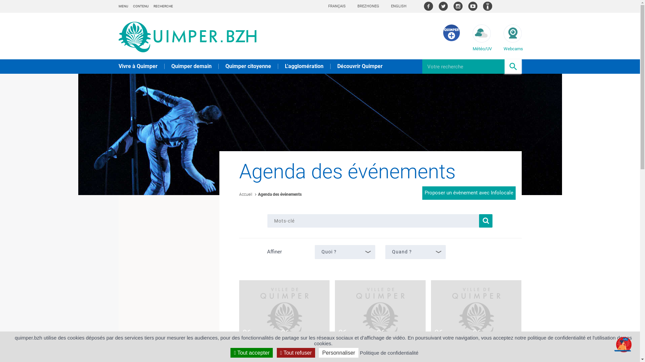  I want to click on 'Accueil', so click(245, 194).